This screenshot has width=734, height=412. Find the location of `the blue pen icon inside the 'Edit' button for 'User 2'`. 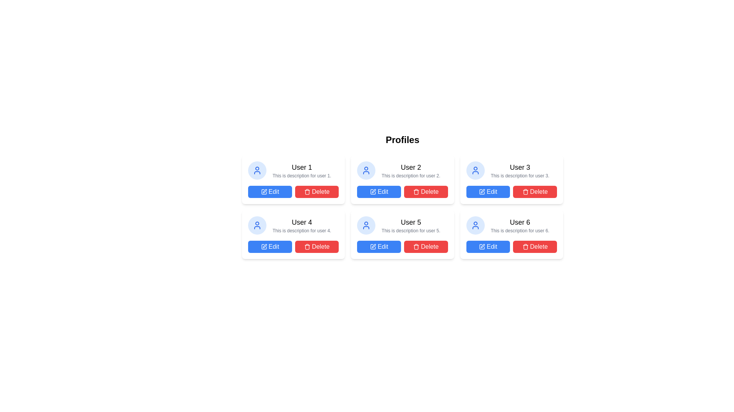

the blue pen icon inside the 'Edit' button for 'User 2' is located at coordinates (373, 191).